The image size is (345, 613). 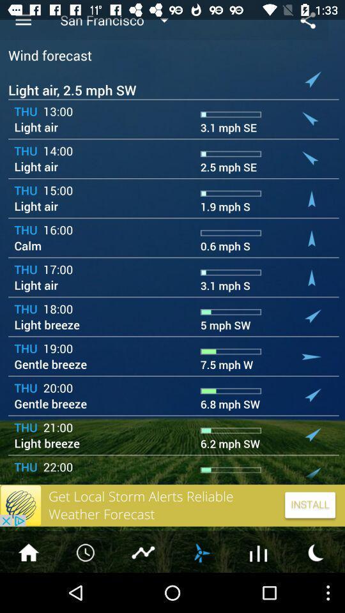 What do you see at coordinates (86, 591) in the screenshot?
I see `the time icon` at bounding box center [86, 591].